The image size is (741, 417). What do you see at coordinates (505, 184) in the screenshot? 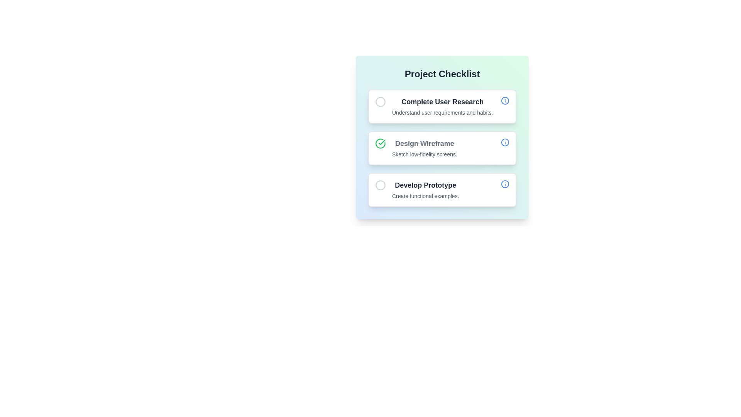
I see `the circular informational icon located in the bottom-right corner of the 'Develop Prototype' list item in the checklist` at bounding box center [505, 184].